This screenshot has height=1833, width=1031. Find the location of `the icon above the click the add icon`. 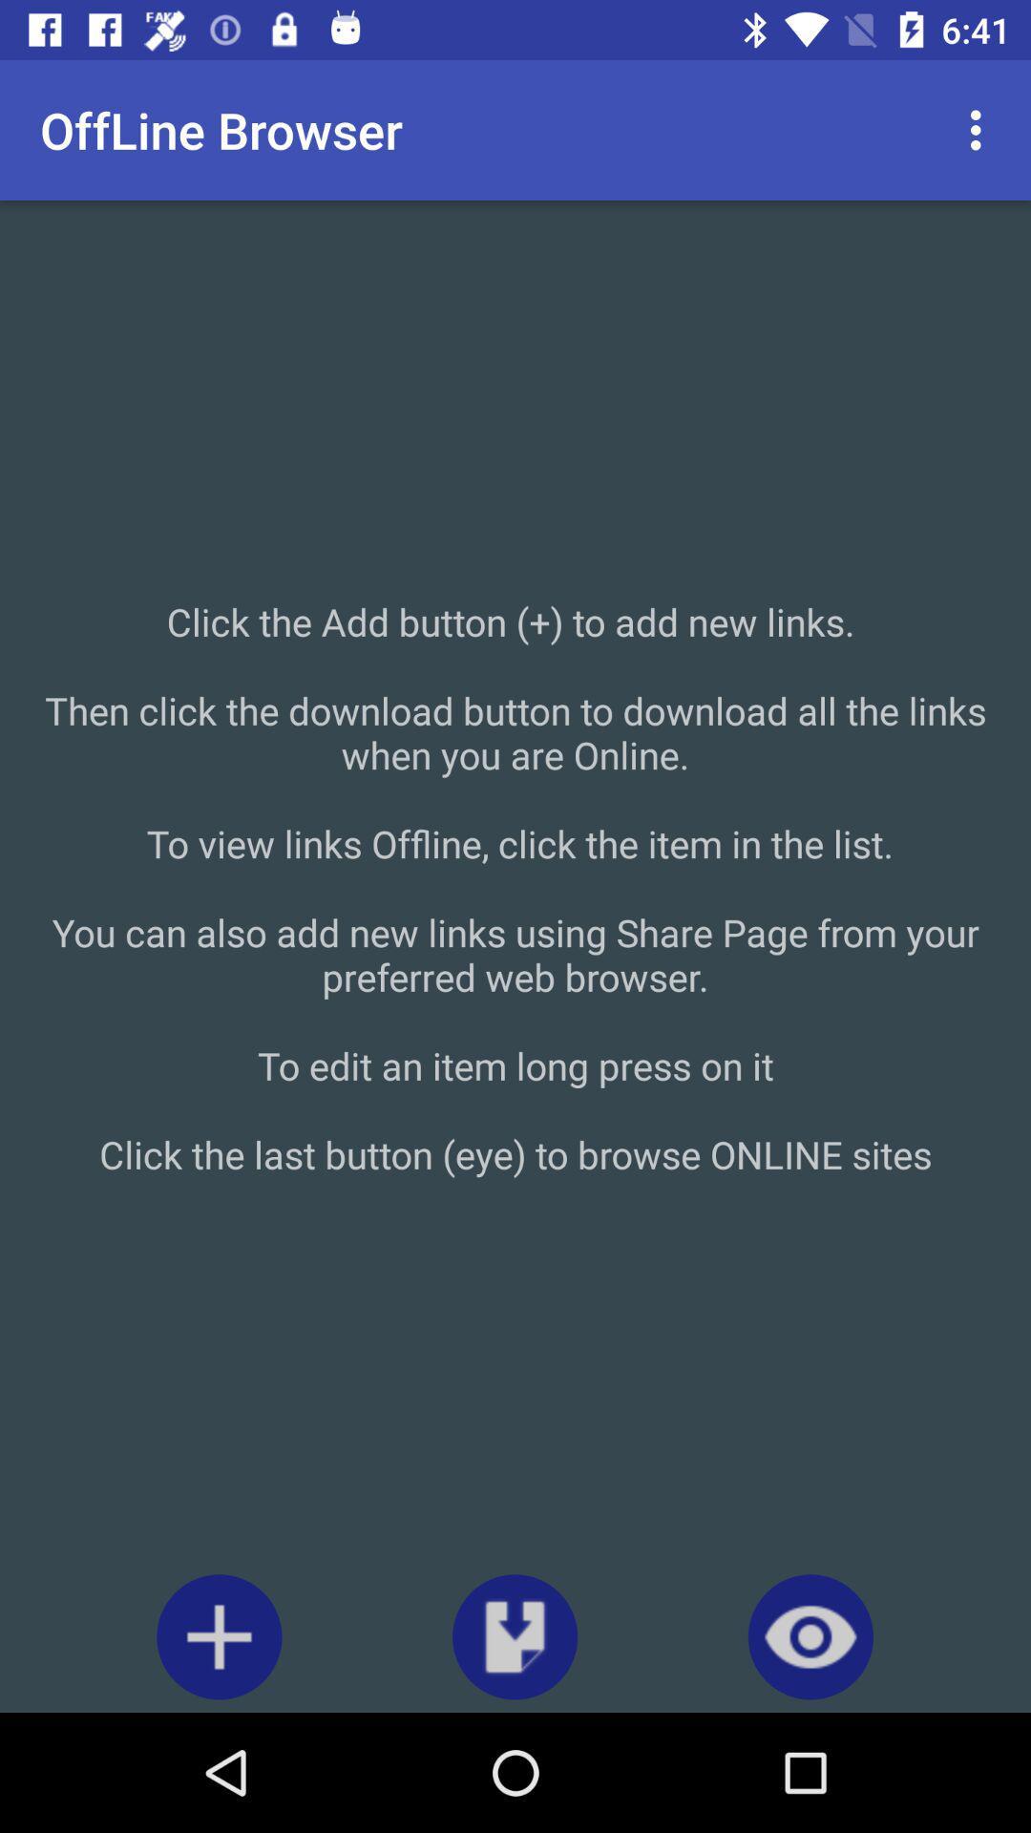

the icon above the click the add icon is located at coordinates (980, 129).